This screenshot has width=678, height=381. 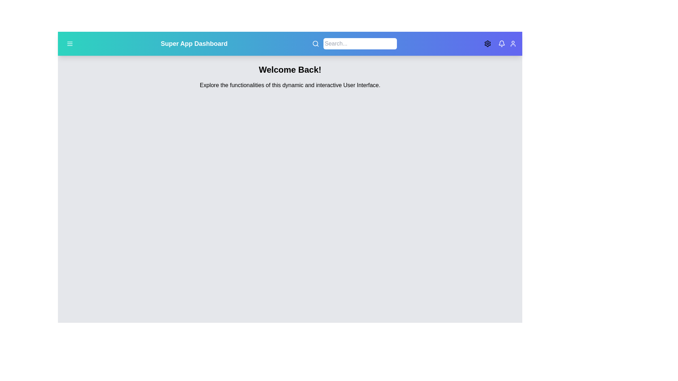 I want to click on the notification icon to view alerts, so click(x=501, y=43).